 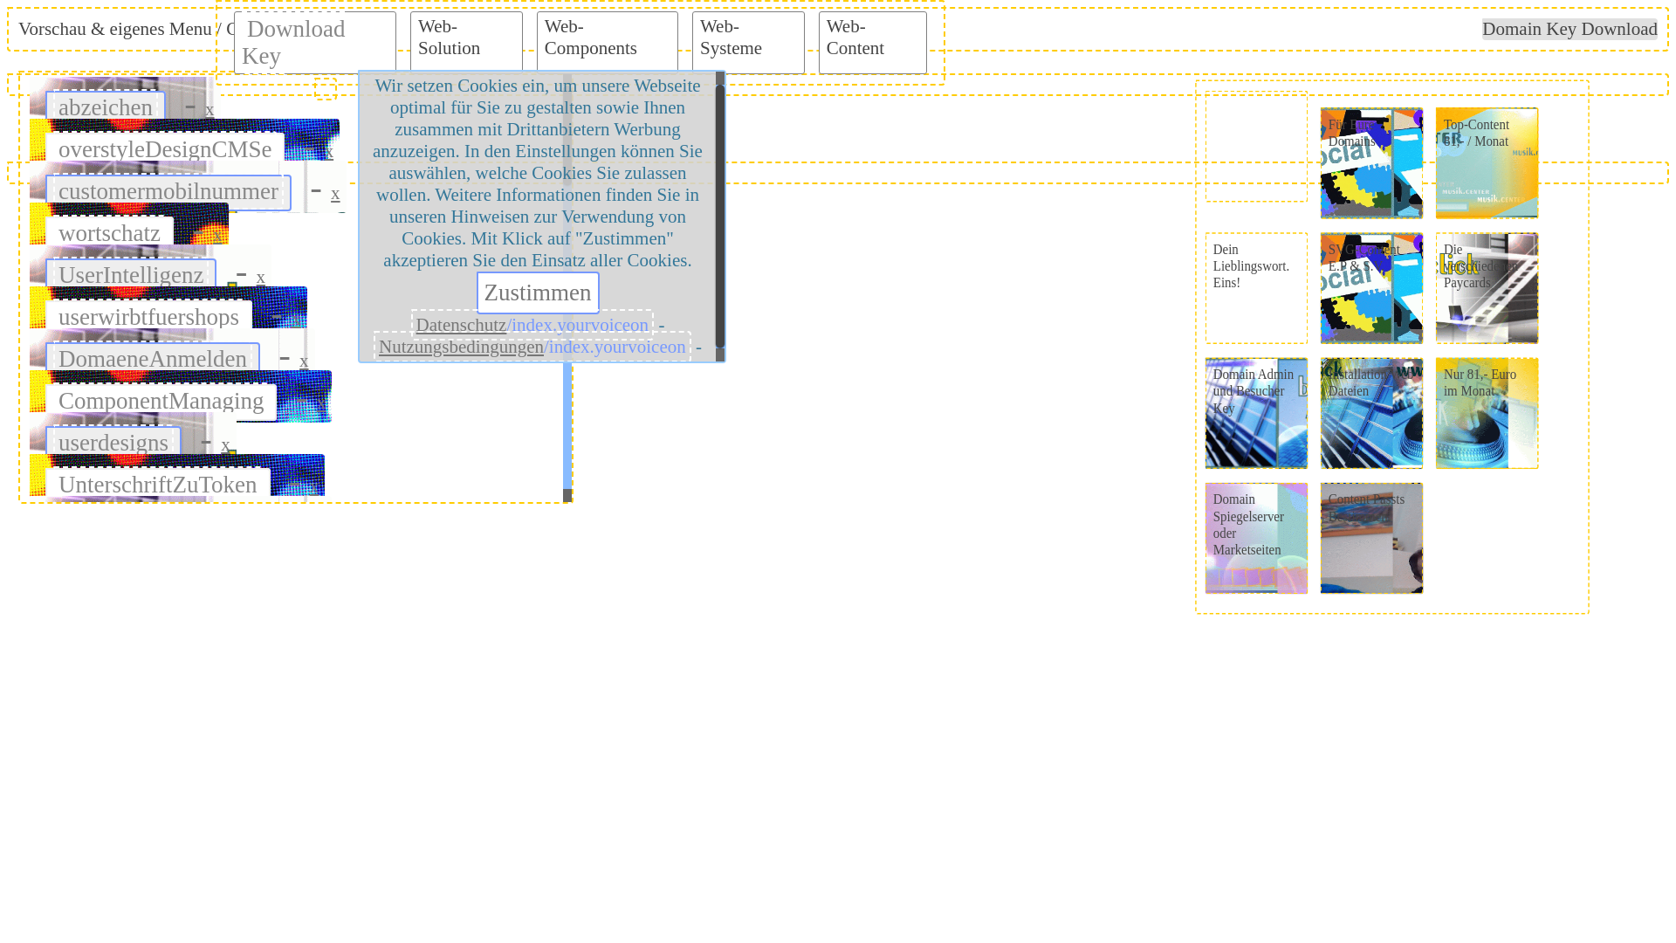 I want to click on 'Download Key', so click(x=293, y=41).